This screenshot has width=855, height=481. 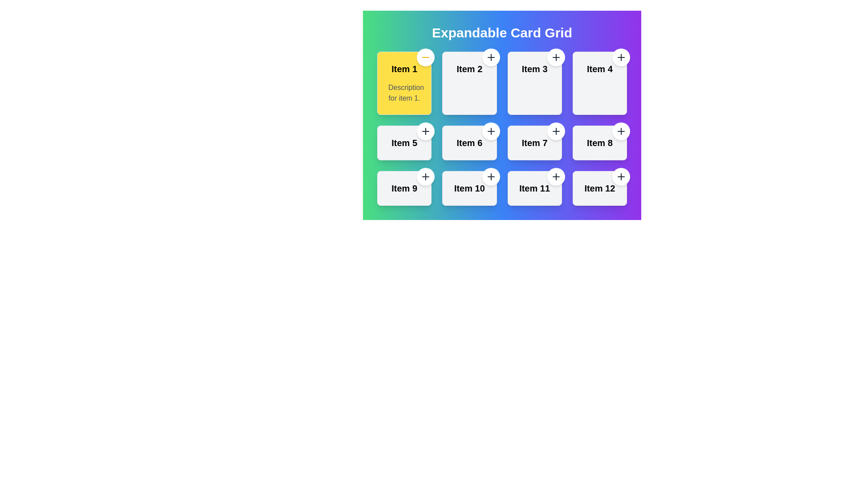 I want to click on label 'Item 6' on the card with a light gray background and a plus button in the top-right corner, so click(x=469, y=142).